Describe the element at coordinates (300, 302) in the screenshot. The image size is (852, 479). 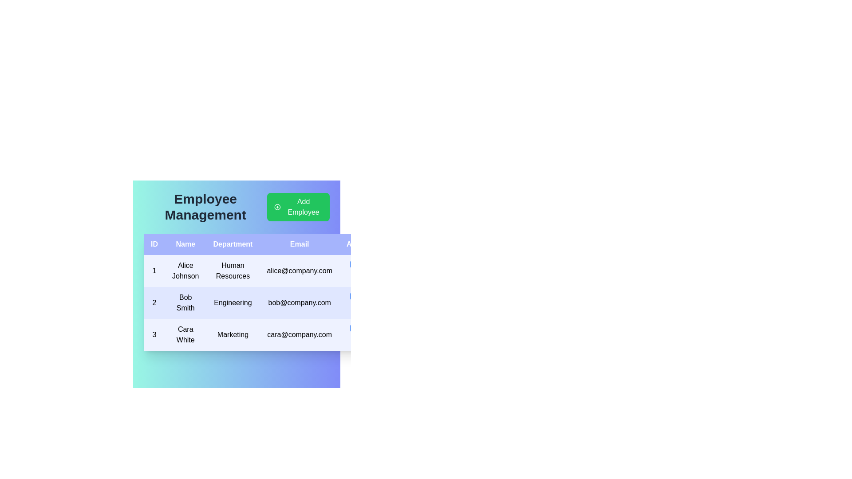
I see `the static text label displaying the email address 'bob@company.com' located in the fourth column of the second row of the table under the 'Email' header` at that location.